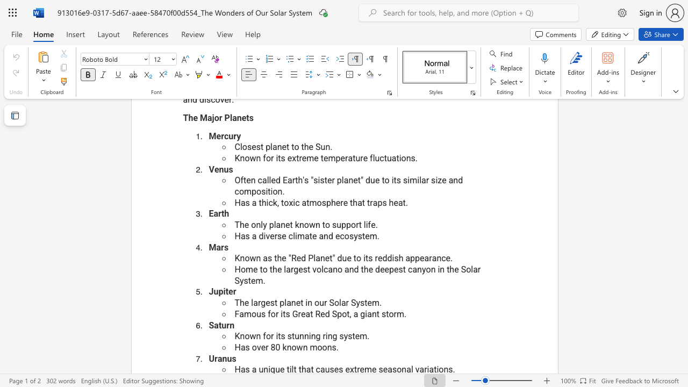 Image resolution: width=688 pixels, height=387 pixels. Describe the element at coordinates (367, 303) in the screenshot. I see `the subset text "em." within the text "The largest planet in our Solar System."` at that location.